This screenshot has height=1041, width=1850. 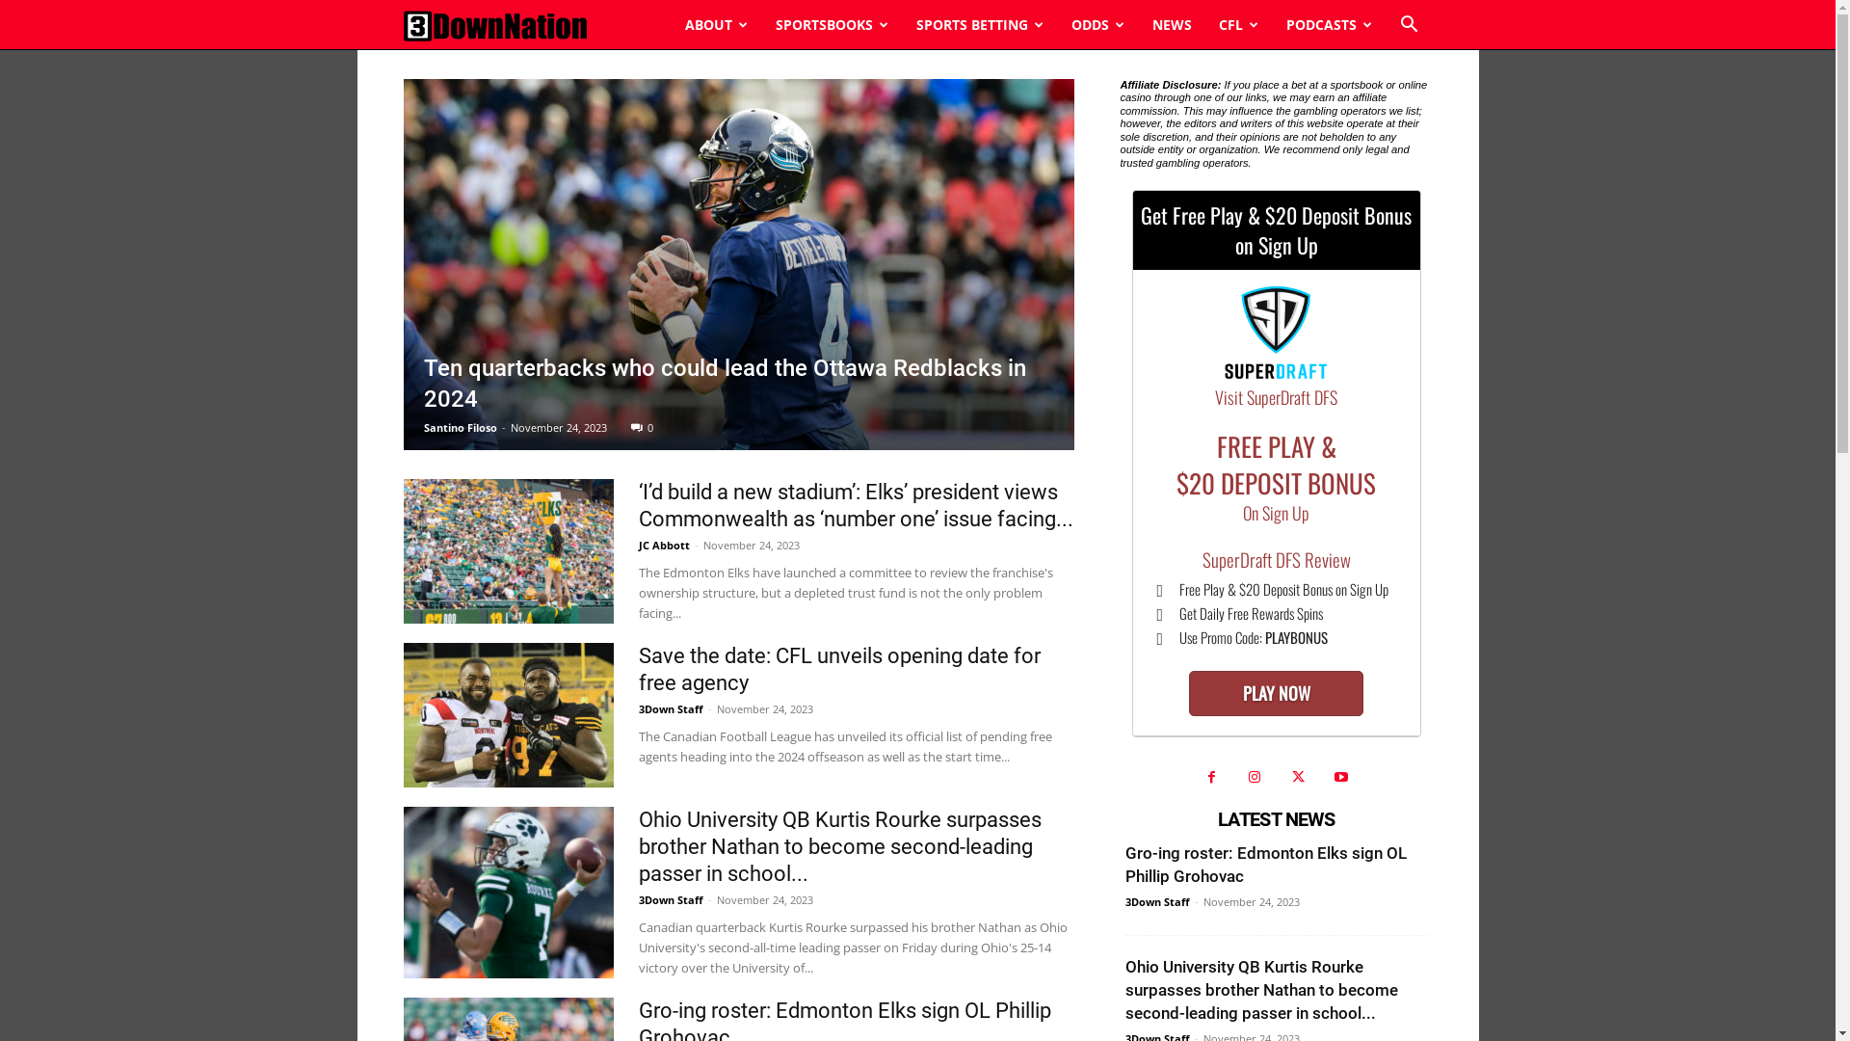 I want to click on 'NEWS', so click(x=1171, y=25).